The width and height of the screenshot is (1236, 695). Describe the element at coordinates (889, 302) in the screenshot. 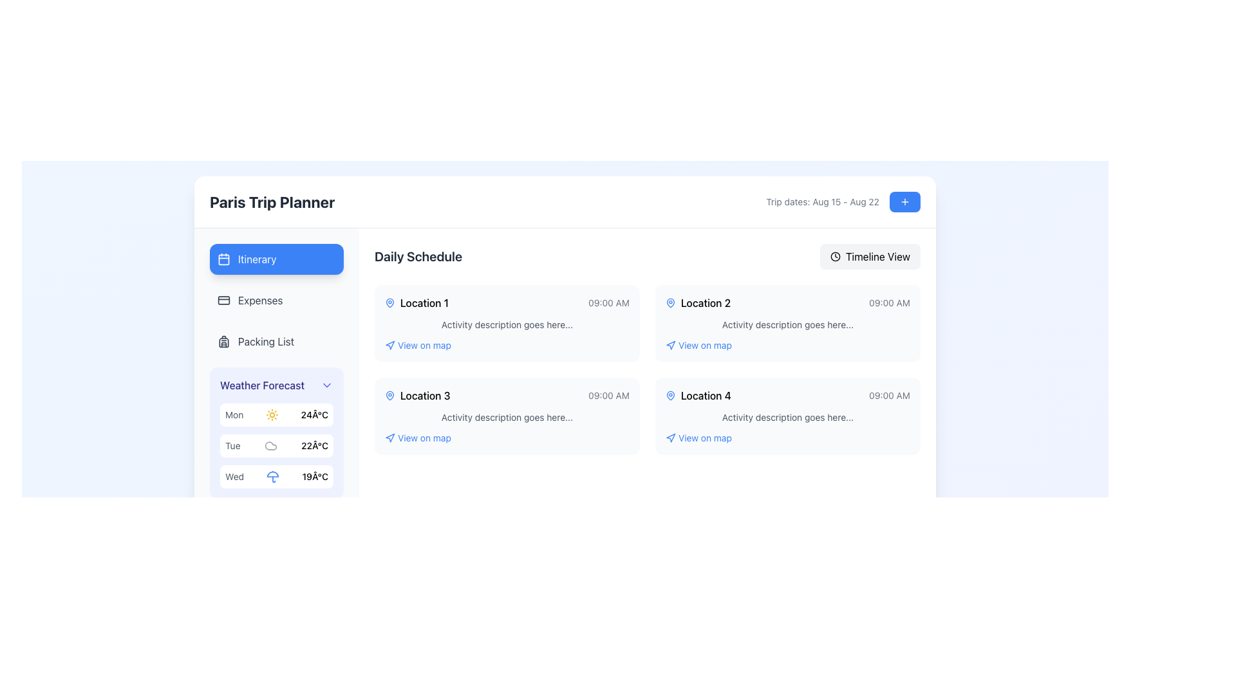

I see `the content of the text label displaying '09:00 AM' located in the rightmost column of the 'Location 2' entry in the daily schedule` at that location.